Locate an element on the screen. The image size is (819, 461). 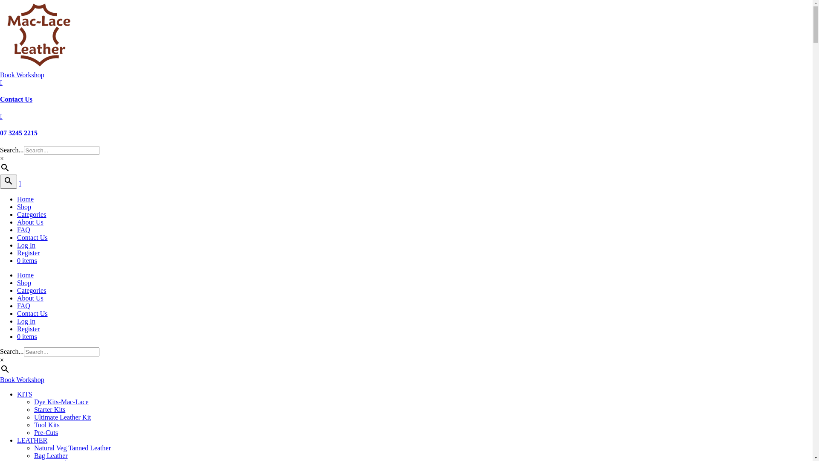
'Categories' is located at coordinates (31, 290).